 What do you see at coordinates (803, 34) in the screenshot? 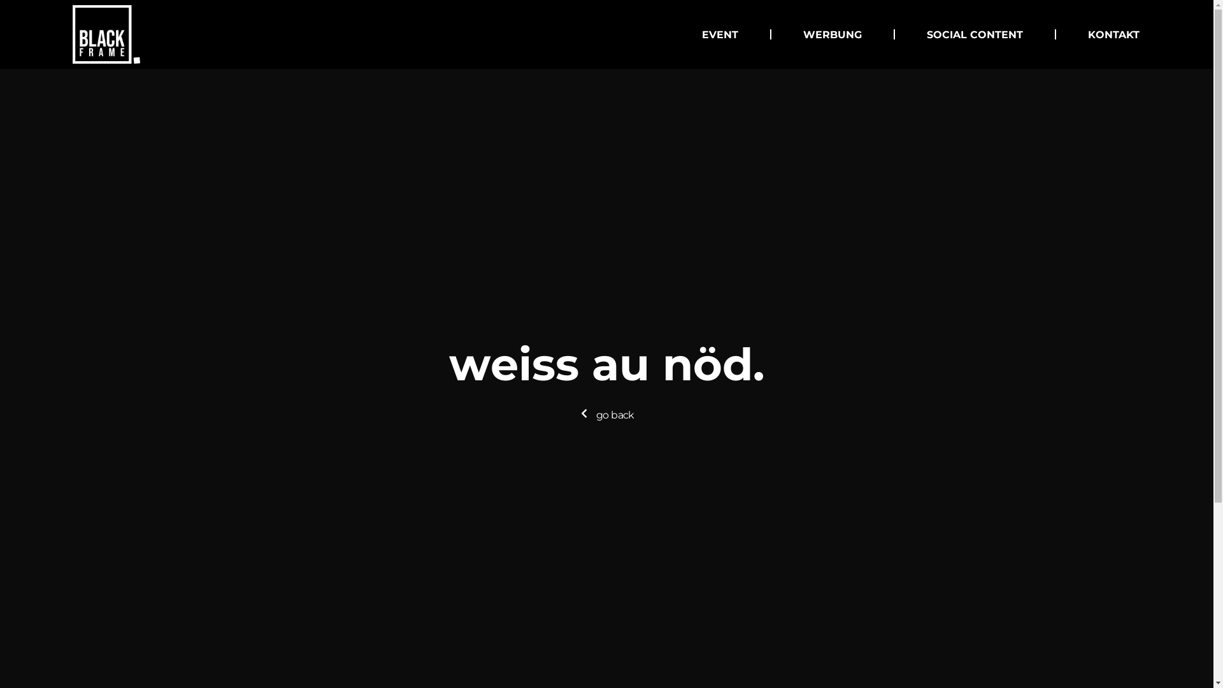
I see `'WERBUNG'` at bounding box center [803, 34].